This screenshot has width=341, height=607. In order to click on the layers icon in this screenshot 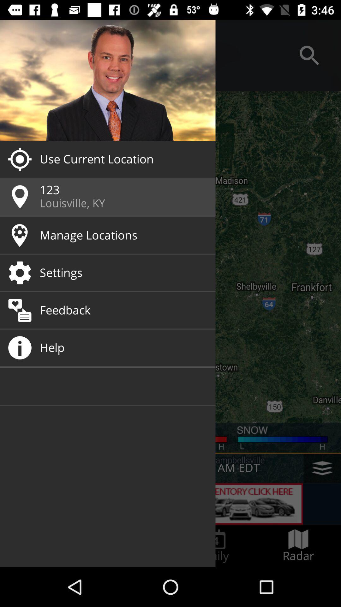, I will do `click(322, 468)`.